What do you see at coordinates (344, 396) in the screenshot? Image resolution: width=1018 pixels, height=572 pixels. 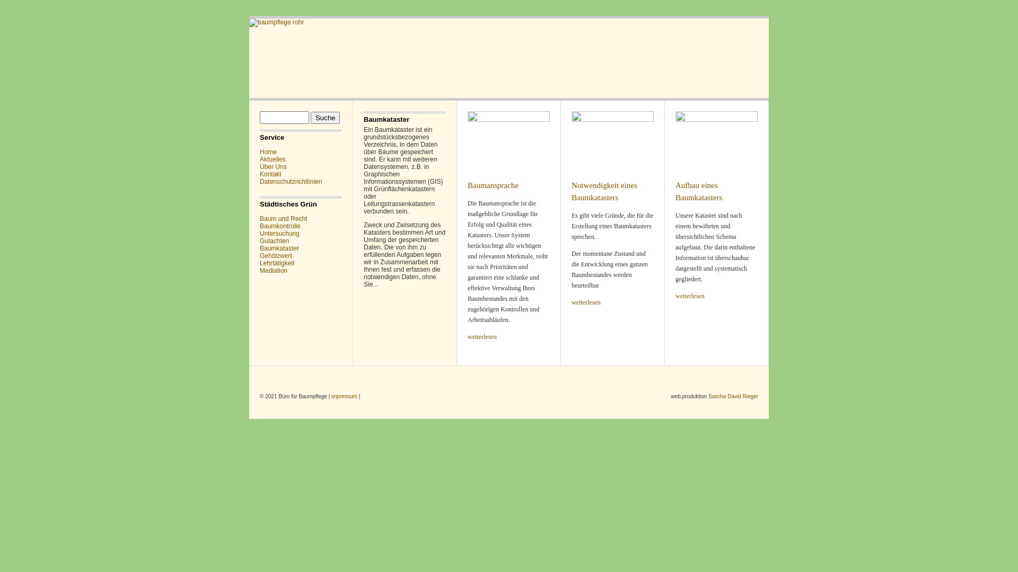 I see `'impressum'` at bounding box center [344, 396].